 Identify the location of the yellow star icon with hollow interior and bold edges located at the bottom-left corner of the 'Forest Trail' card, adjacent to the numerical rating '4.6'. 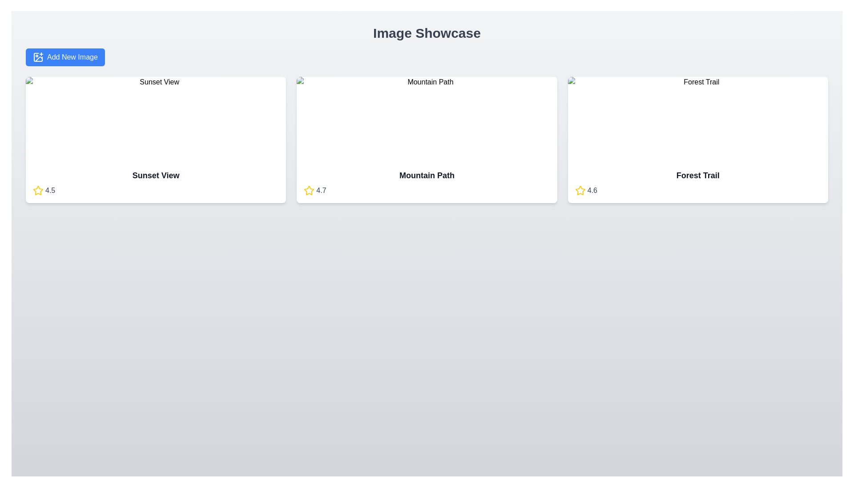
(580, 190).